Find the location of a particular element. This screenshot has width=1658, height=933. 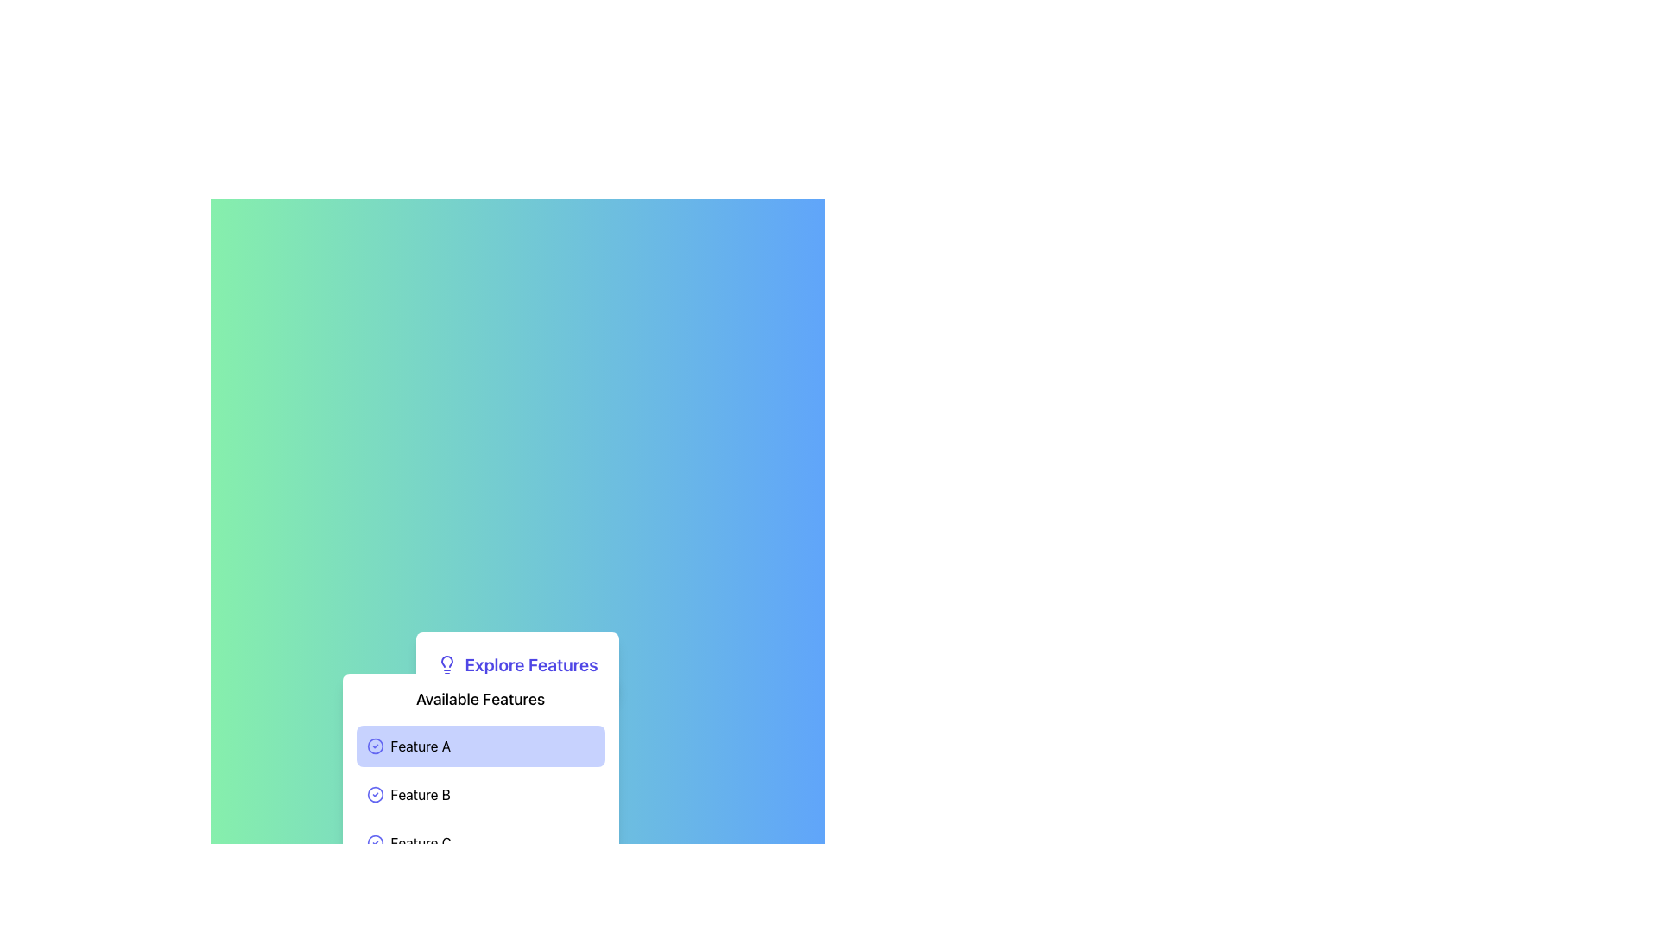

the first selectable item labeled 'Feature A' in the vertically stacked list is located at coordinates (480, 746).